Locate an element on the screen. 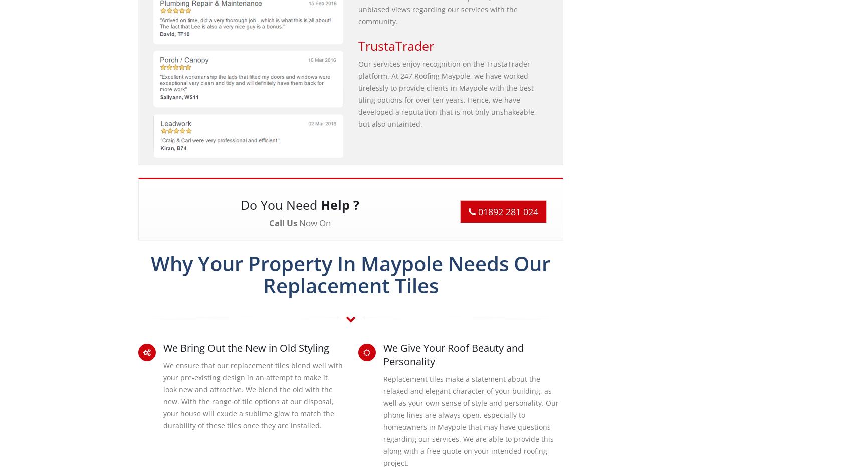 This screenshot has width=848, height=467. 'Why Your Property in Maypole Needs Our Replacement Tiles' is located at coordinates (350, 273).